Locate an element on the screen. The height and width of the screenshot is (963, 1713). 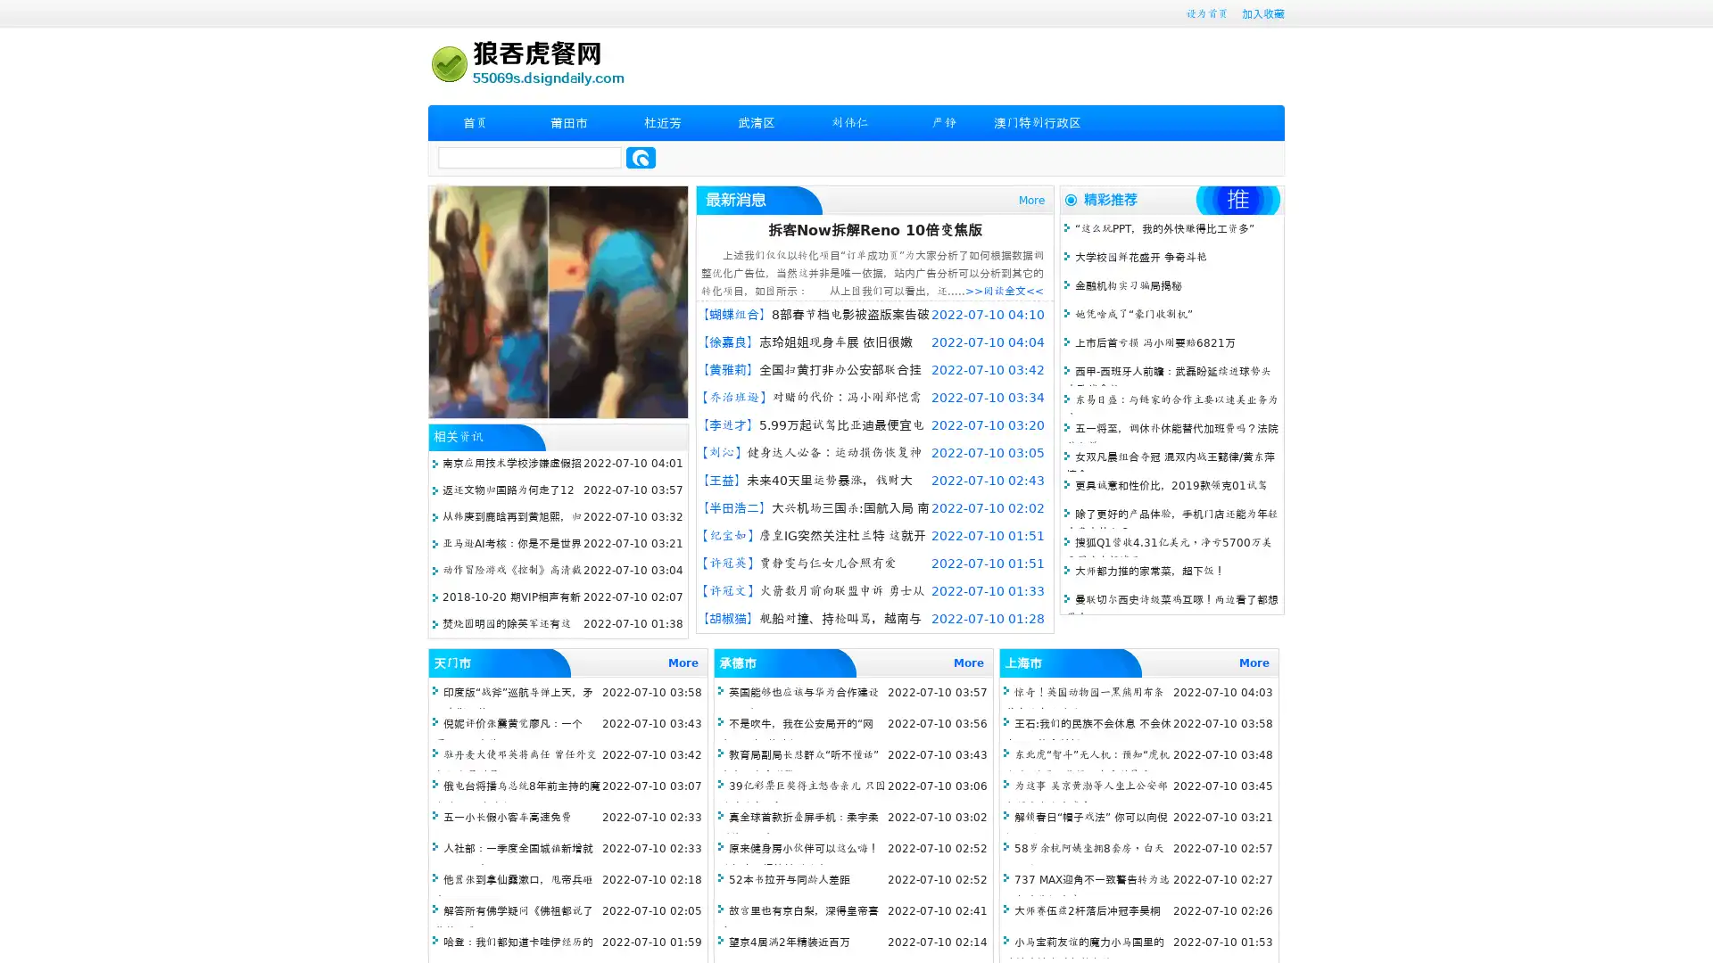
Search is located at coordinates (641, 157).